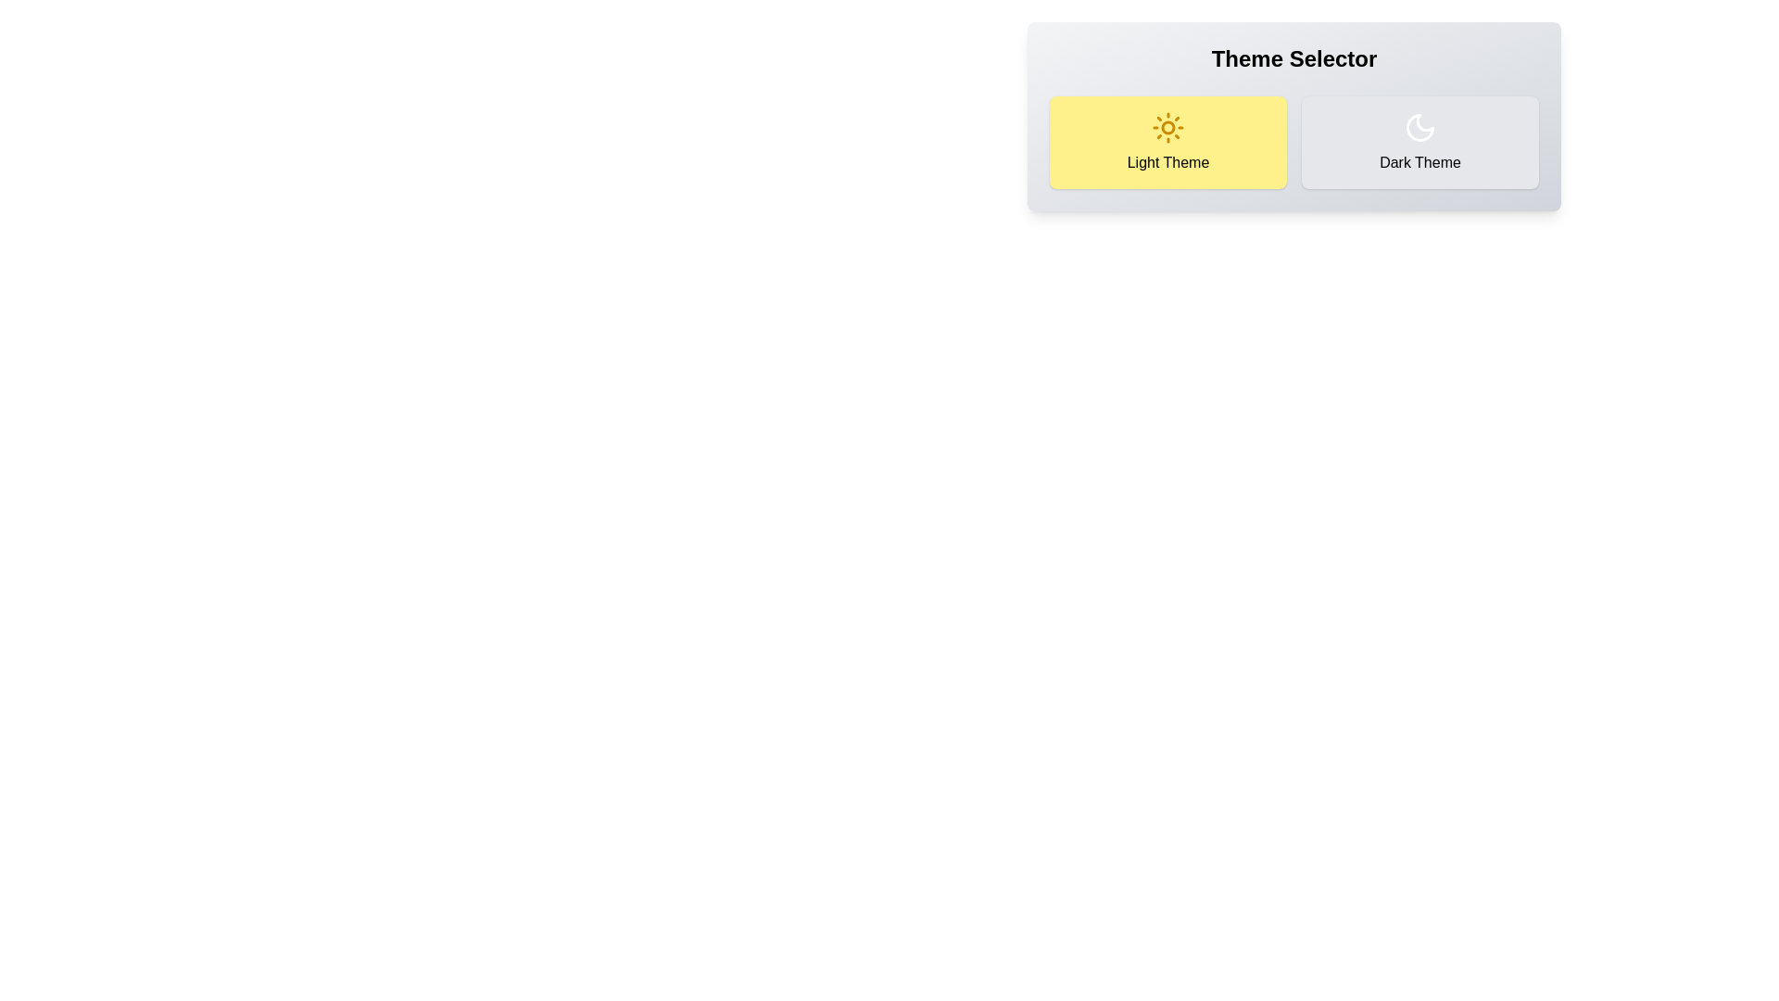 This screenshot has width=1779, height=1001. I want to click on the 'Dark Theme' button to select the dark theme, so click(1419, 142).